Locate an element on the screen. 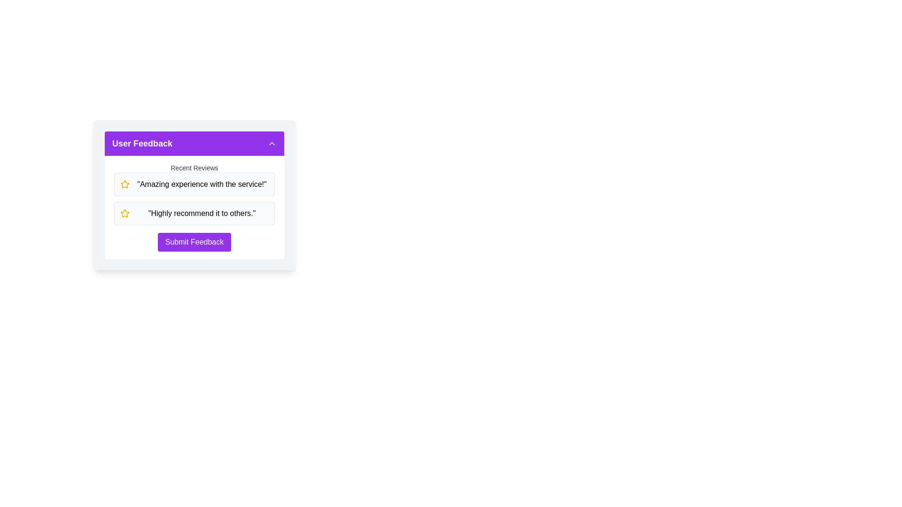 The height and width of the screenshot is (507, 902). the text label displaying 'Amazing experience with the service!' that is located in the feedback card under 'Recent Reviews', aligned horizontally with a yellow star icon is located at coordinates (202, 184).